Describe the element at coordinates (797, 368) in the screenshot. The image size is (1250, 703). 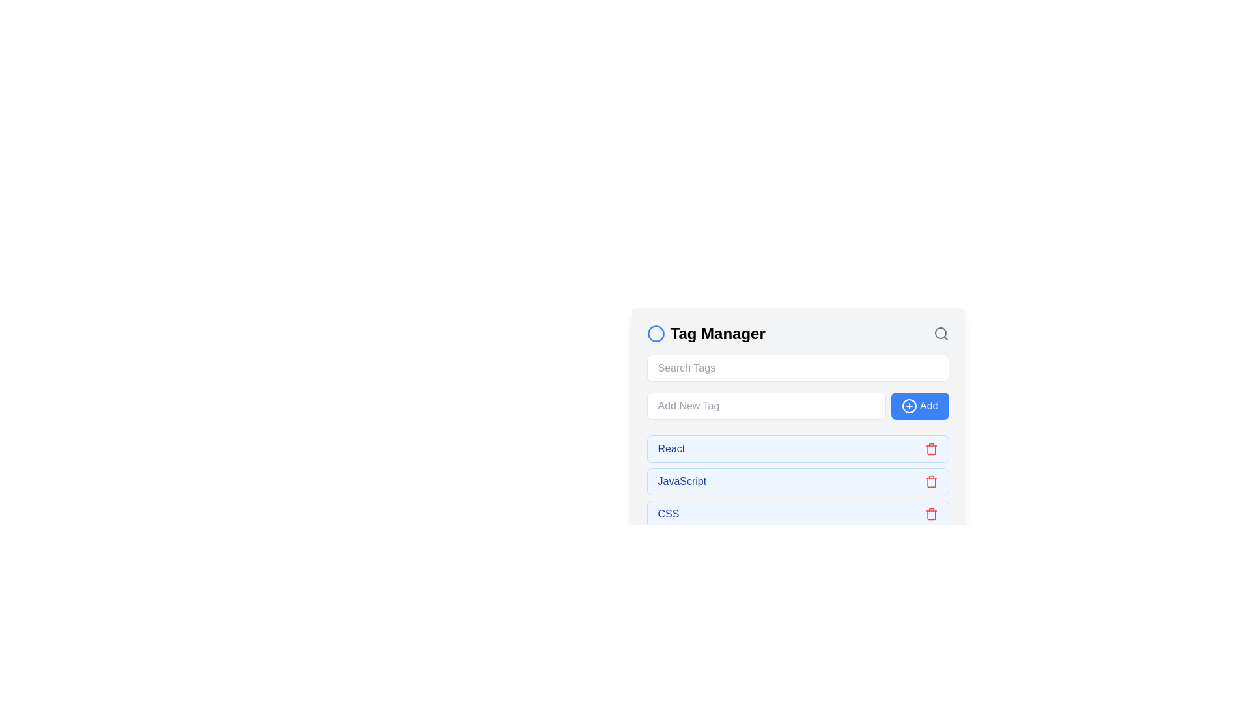
I see `the search bar input field in the 'Tag Manager' interface to focus on it for entering keywords or phrases` at that location.